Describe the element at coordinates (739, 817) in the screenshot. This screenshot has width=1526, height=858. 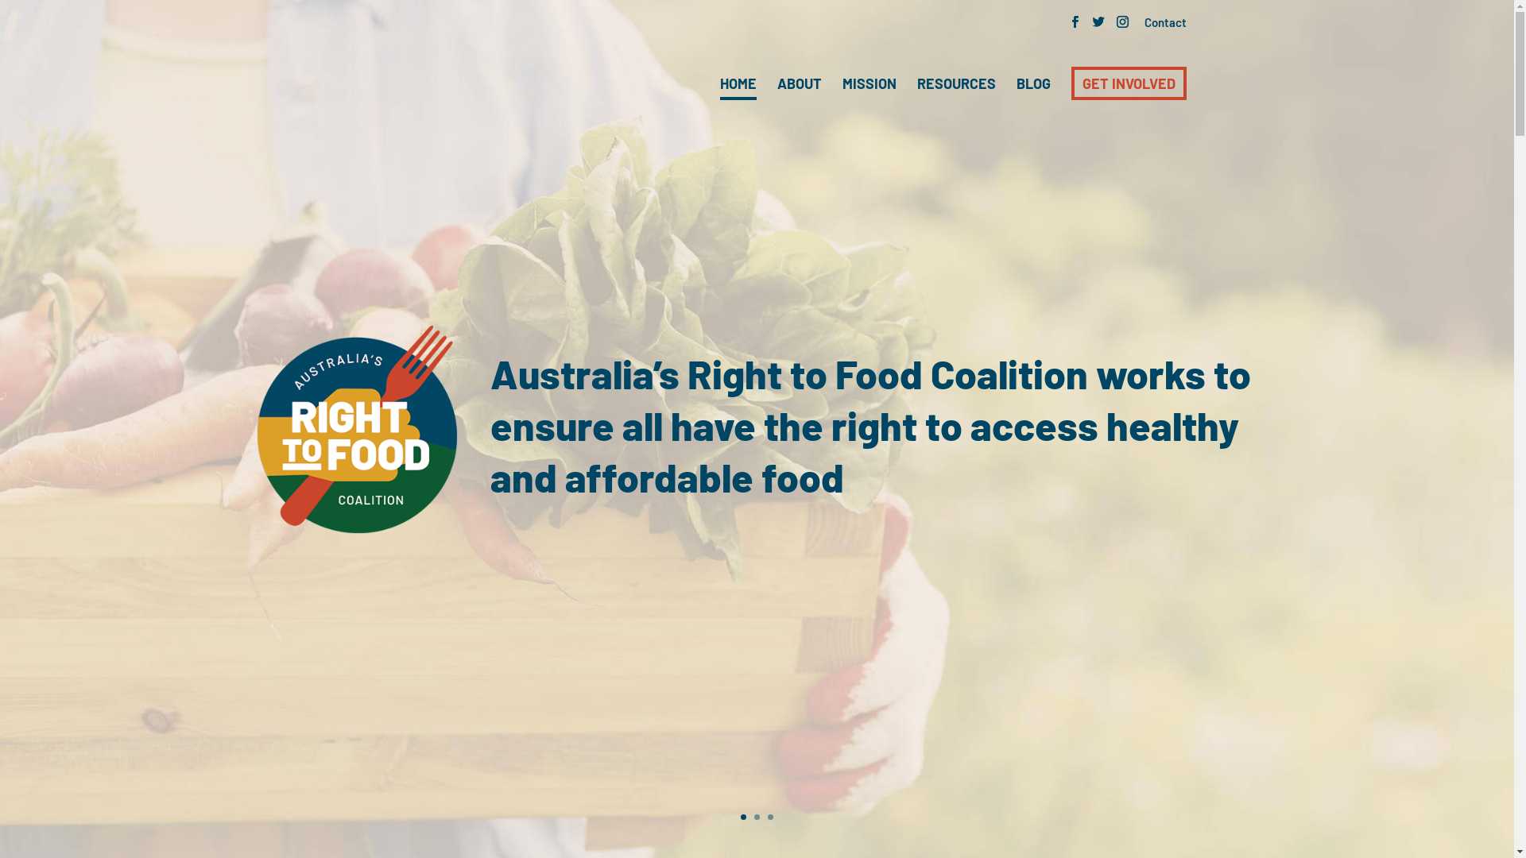
I see `'1'` at that location.